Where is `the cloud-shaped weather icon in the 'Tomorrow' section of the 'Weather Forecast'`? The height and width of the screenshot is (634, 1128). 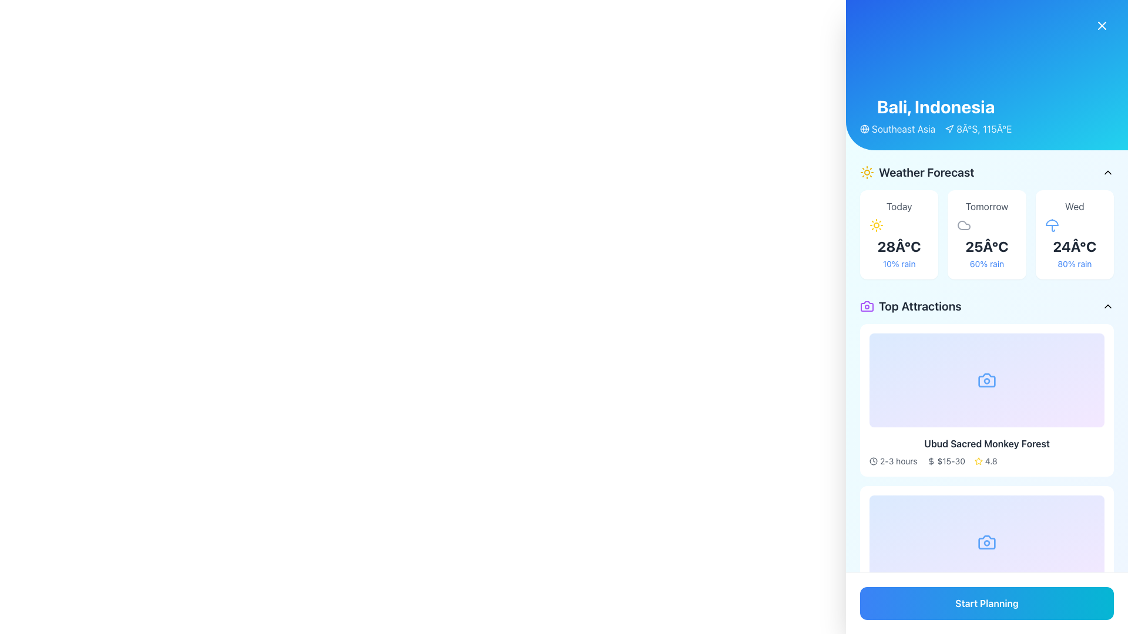 the cloud-shaped weather icon in the 'Tomorrow' section of the 'Weather Forecast' is located at coordinates (964, 225).